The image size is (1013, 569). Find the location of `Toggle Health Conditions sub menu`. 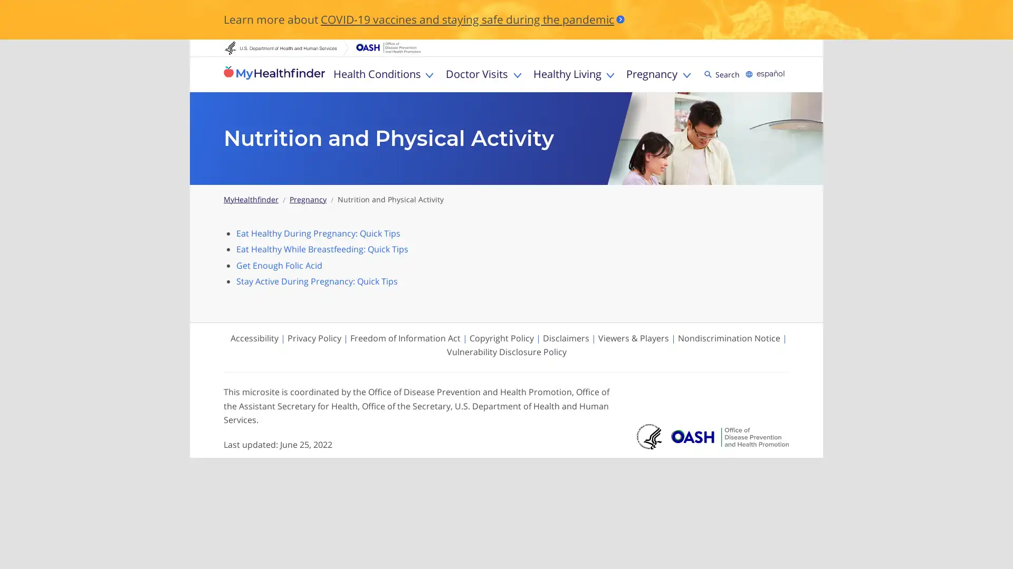

Toggle Health Conditions sub menu is located at coordinates (429, 74).